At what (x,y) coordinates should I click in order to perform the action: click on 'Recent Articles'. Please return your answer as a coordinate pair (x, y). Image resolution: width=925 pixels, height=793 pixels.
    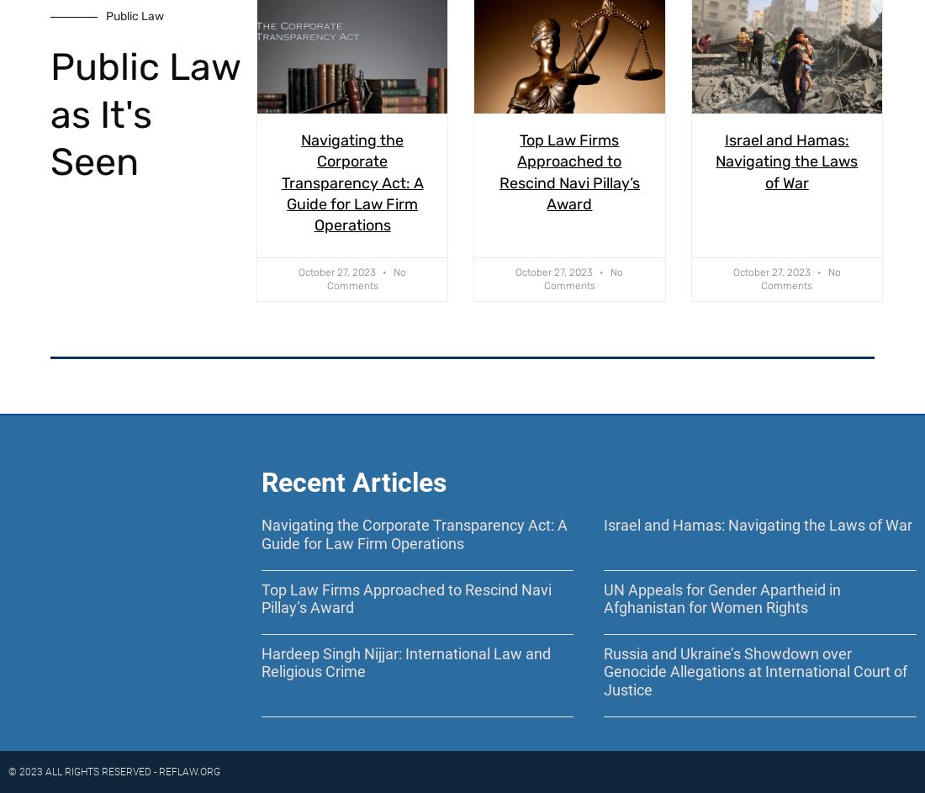
    Looking at the image, I should click on (259, 483).